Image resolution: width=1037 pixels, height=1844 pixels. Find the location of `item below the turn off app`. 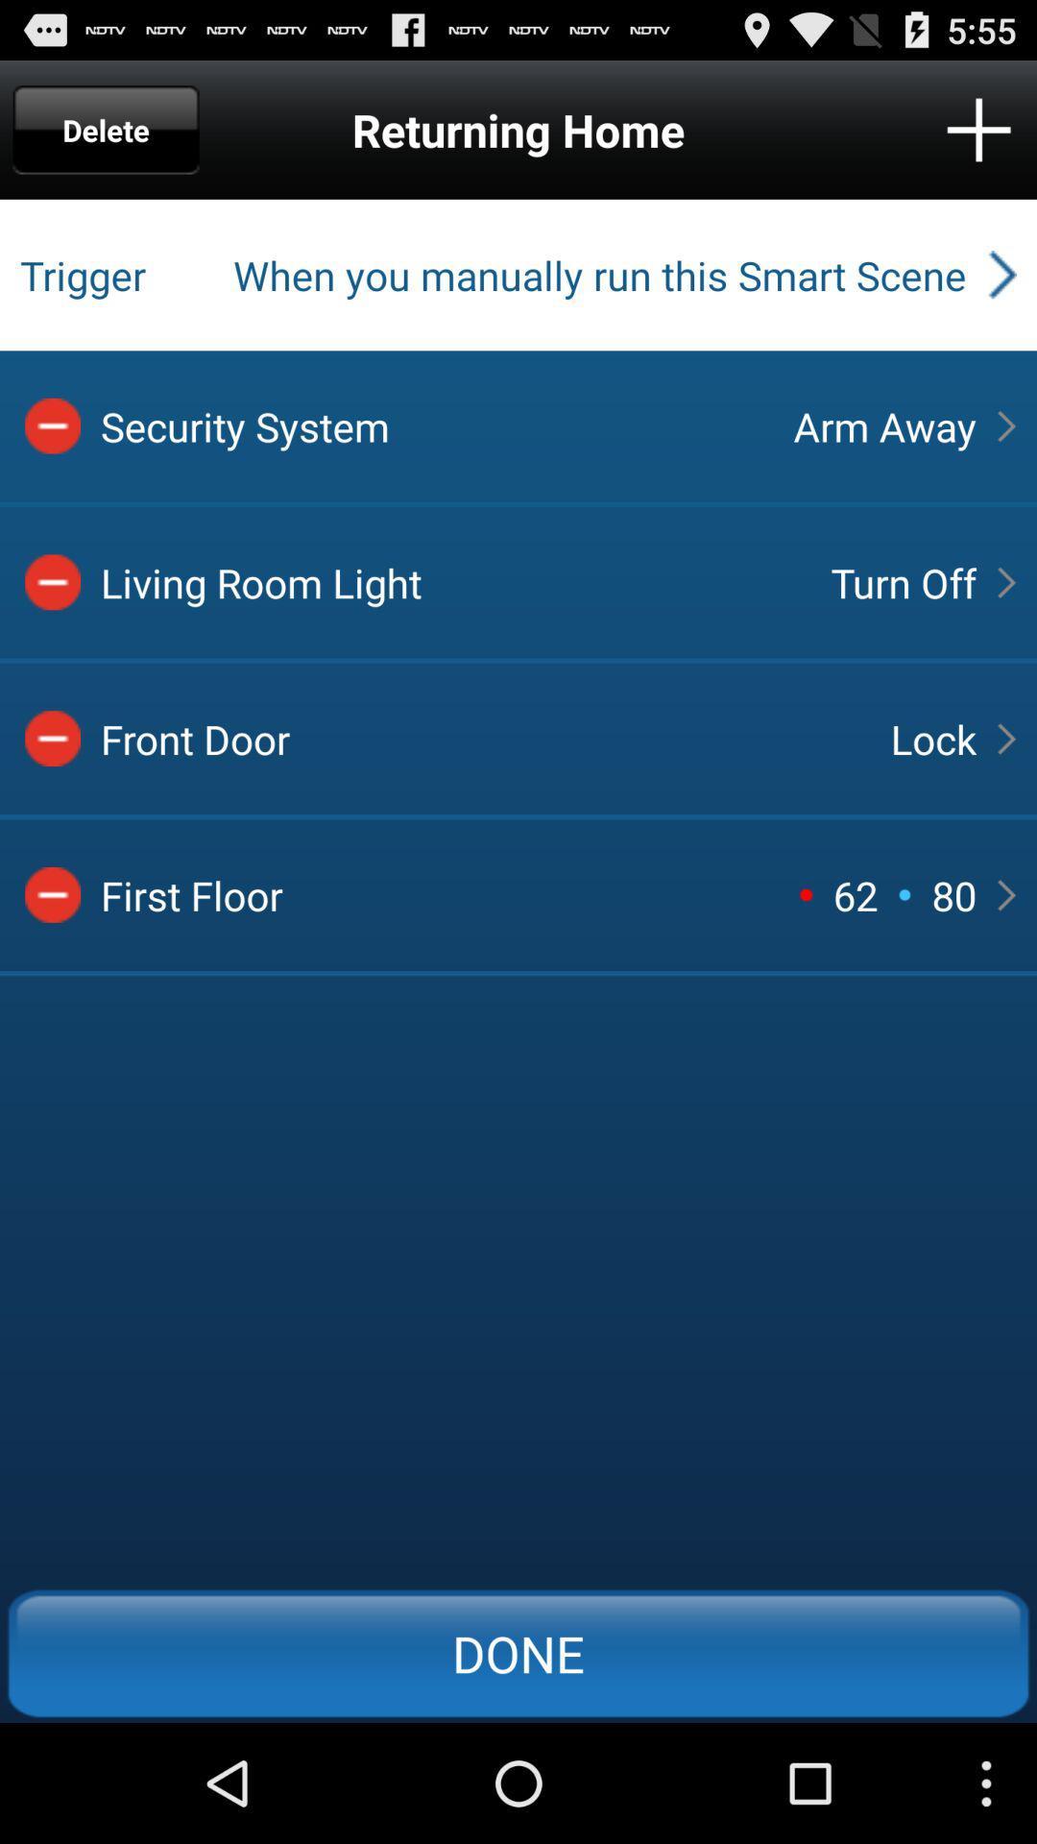

item below the turn off app is located at coordinates (932, 738).